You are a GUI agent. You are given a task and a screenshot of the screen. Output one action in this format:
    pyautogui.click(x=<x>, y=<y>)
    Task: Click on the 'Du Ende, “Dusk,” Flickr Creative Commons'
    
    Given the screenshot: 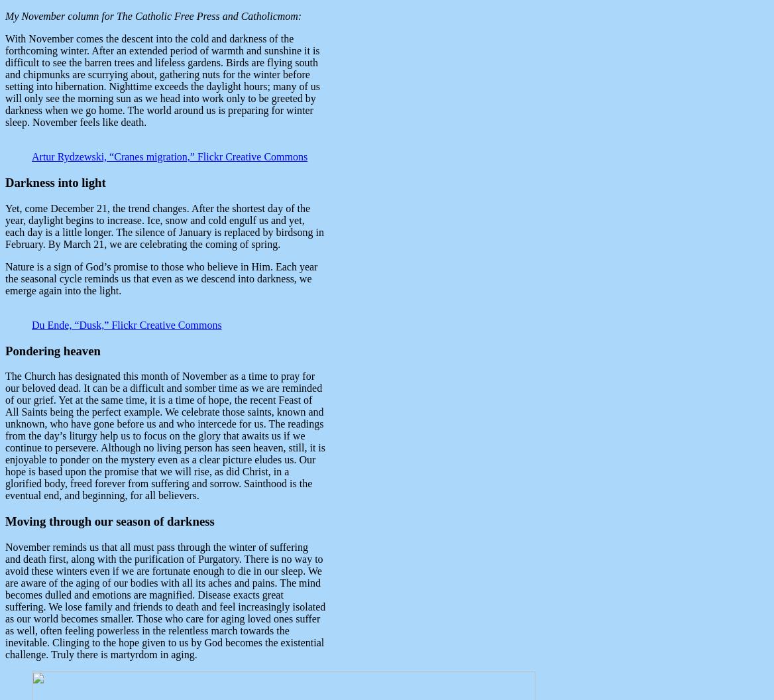 What is the action you would take?
    pyautogui.click(x=126, y=323)
    